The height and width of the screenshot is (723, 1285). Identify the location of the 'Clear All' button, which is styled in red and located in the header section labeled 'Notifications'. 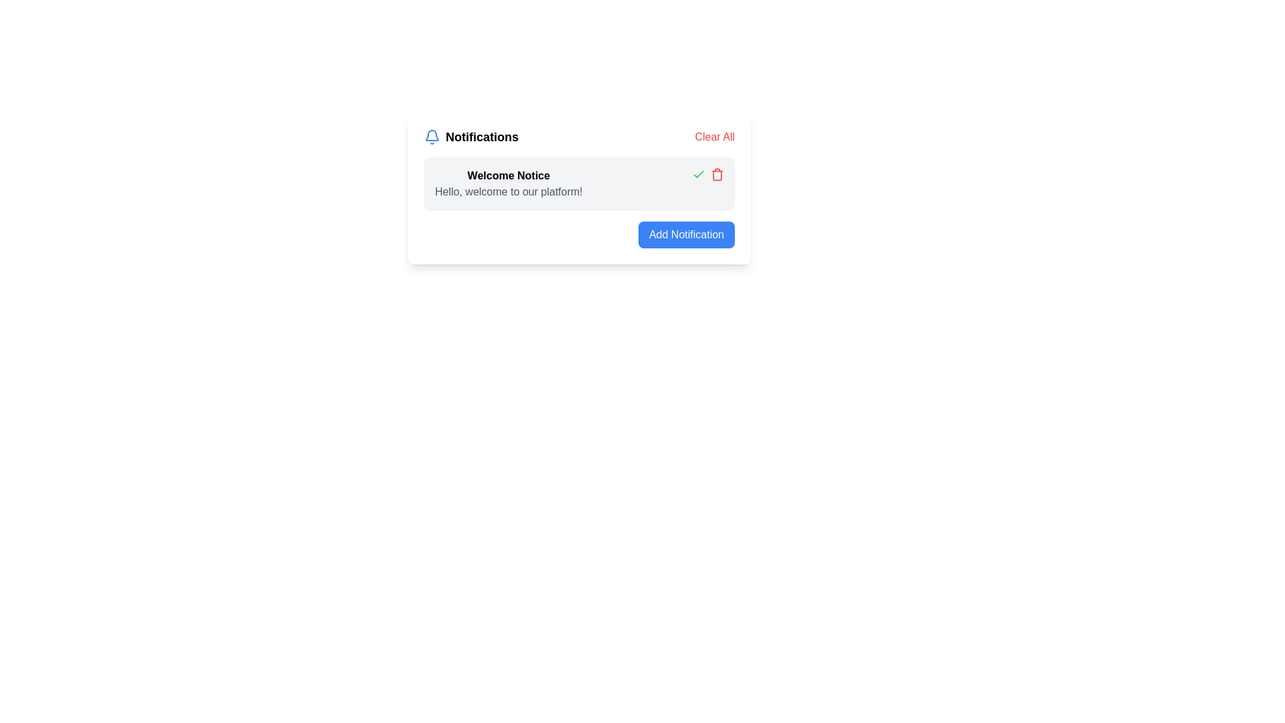
(714, 137).